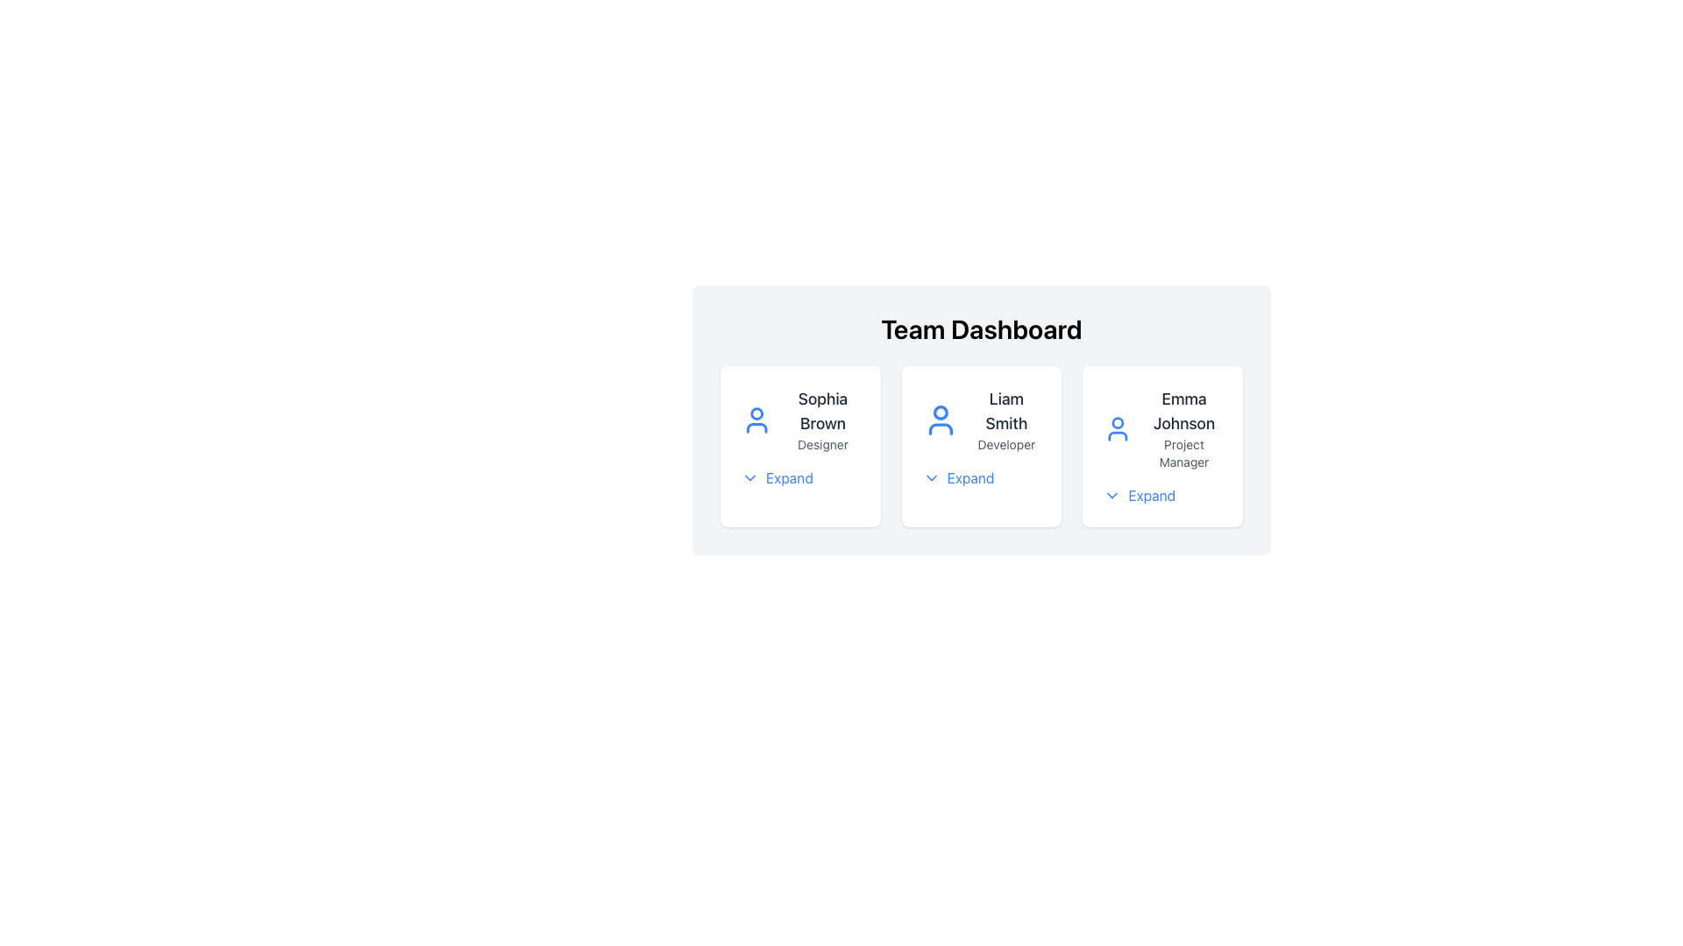 This screenshot has width=1683, height=946. What do you see at coordinates (1184, 412) in the screenshot?
I see `the static text element displaying 'Emma Johnson', which is located at the top-center of the team member card in the Team Dashboard section` at bounding box center [1184, 412].